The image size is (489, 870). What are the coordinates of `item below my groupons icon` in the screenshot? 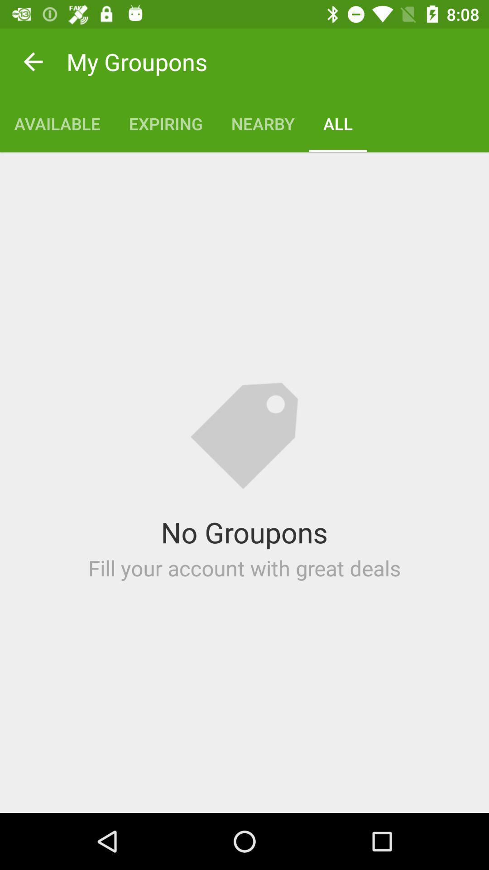 It's located at (166, 123).